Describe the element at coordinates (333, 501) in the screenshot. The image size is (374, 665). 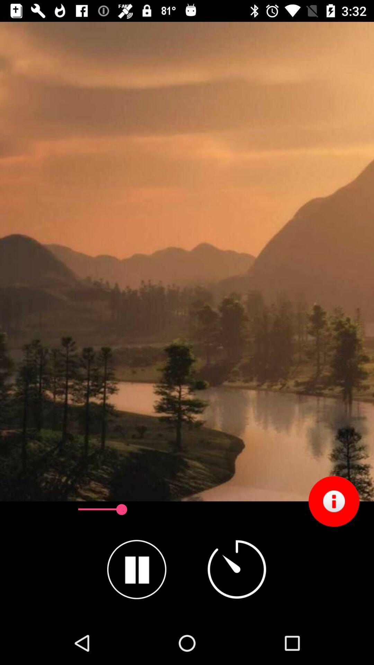
I see `the info icon` at that location.